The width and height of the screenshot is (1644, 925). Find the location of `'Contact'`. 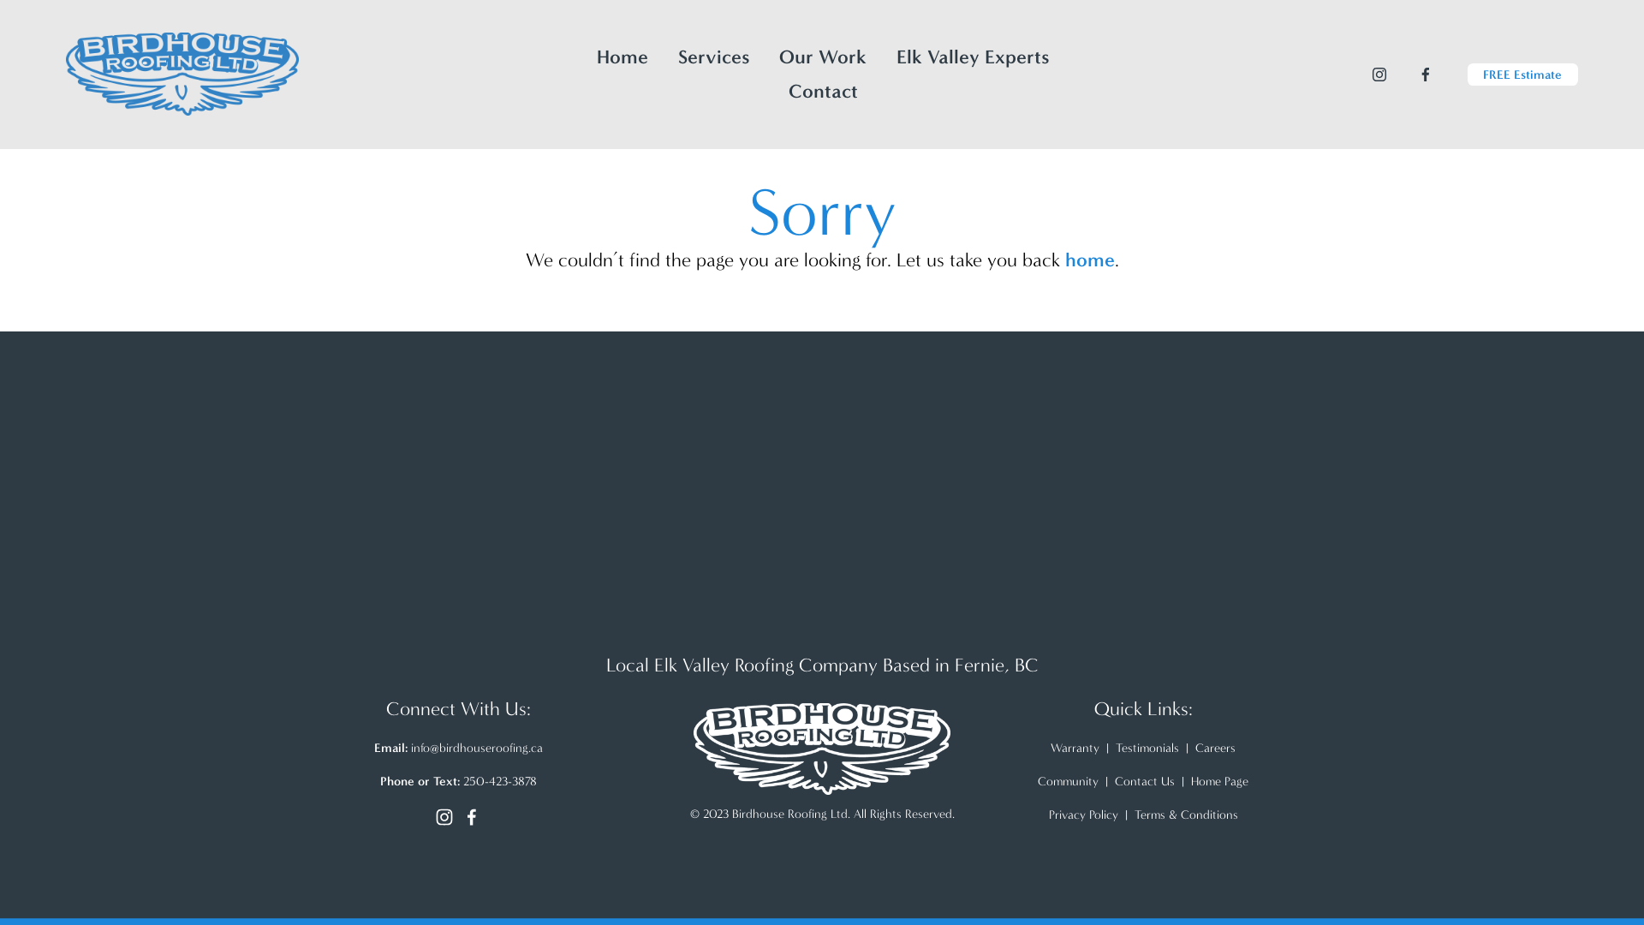

'Contact' is located at coordinates (823, 92).